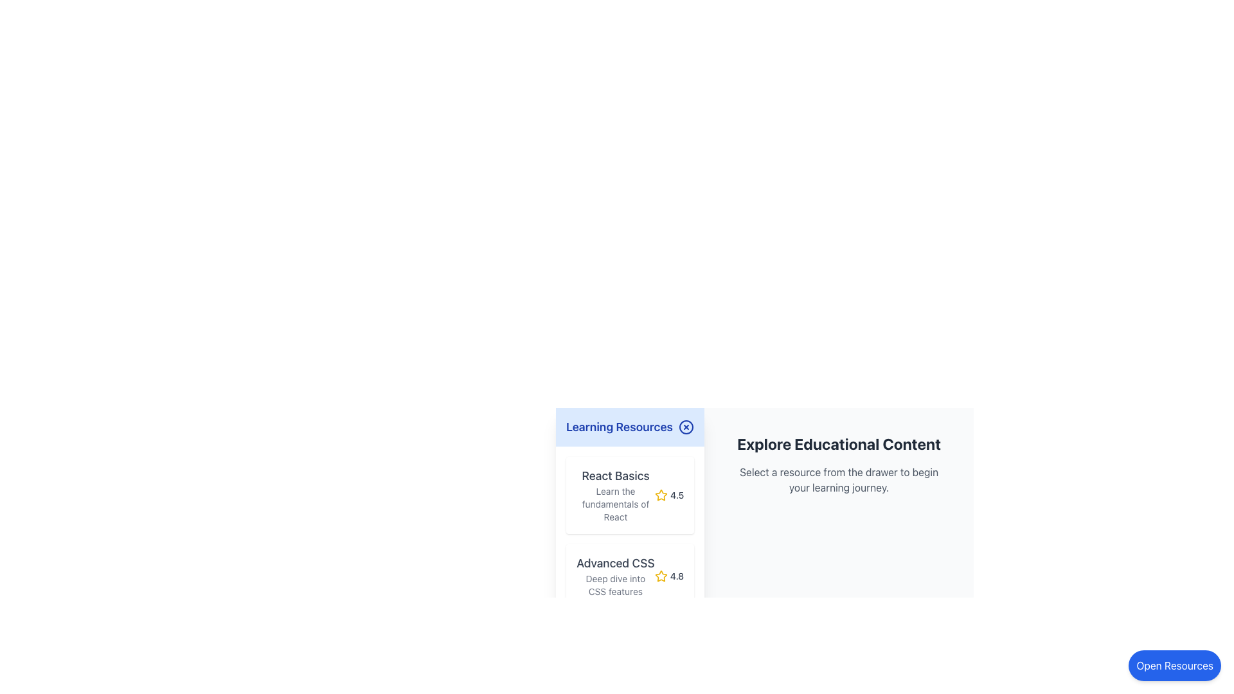 The image size is (1234, 694). What do you see at coordinates (661, 575) in the screenshot?
I see `the yellow star icon used for rating in the 'React Basics' card within the 'Learning Resources' section to trigger the tooltip` at bounding box center [661, 575].